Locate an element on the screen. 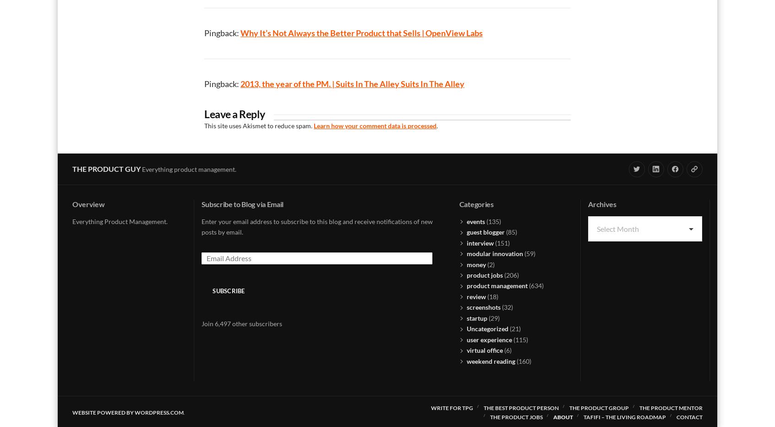  'Join 6,497 other subscribers' is located at coordinates (241, 323).